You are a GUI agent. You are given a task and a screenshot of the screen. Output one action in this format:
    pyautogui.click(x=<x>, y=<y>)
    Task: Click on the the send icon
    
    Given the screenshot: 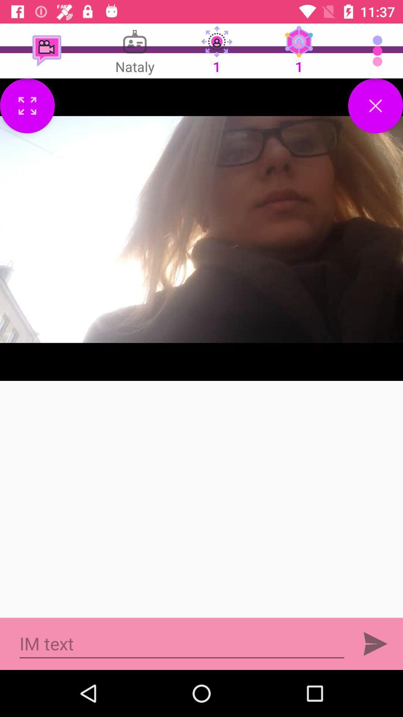 What is the action you would take?
    pyautogui.click(x=375, y=643)
    